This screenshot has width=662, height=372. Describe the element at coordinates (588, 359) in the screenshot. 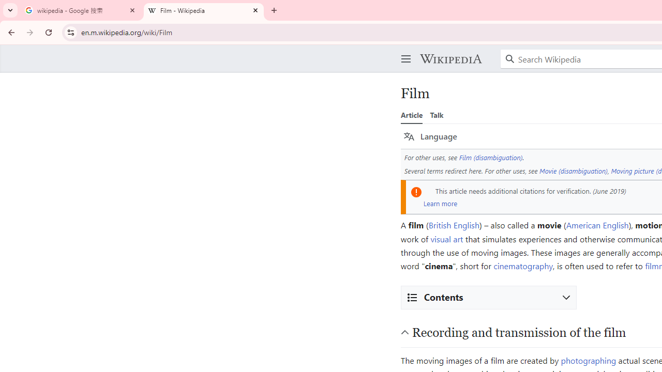

I see `'photographing'` at that location.